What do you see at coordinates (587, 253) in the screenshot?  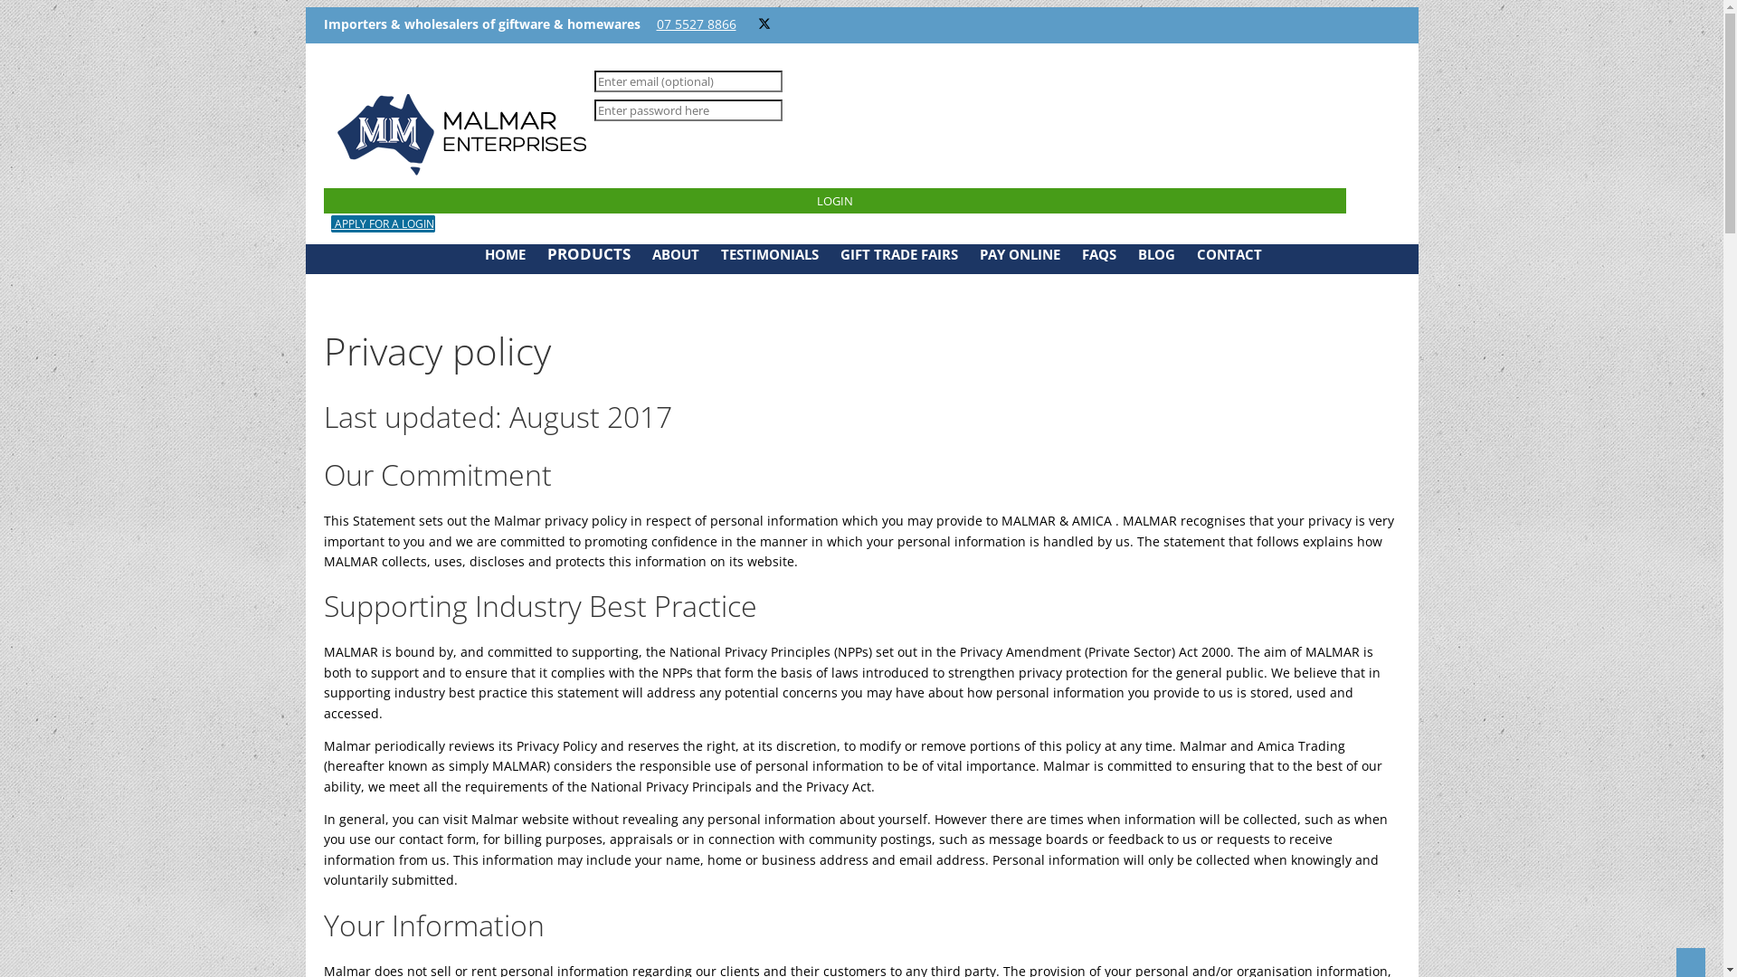 I see `'PRODUCTS'` at bounding box center [587, 253].